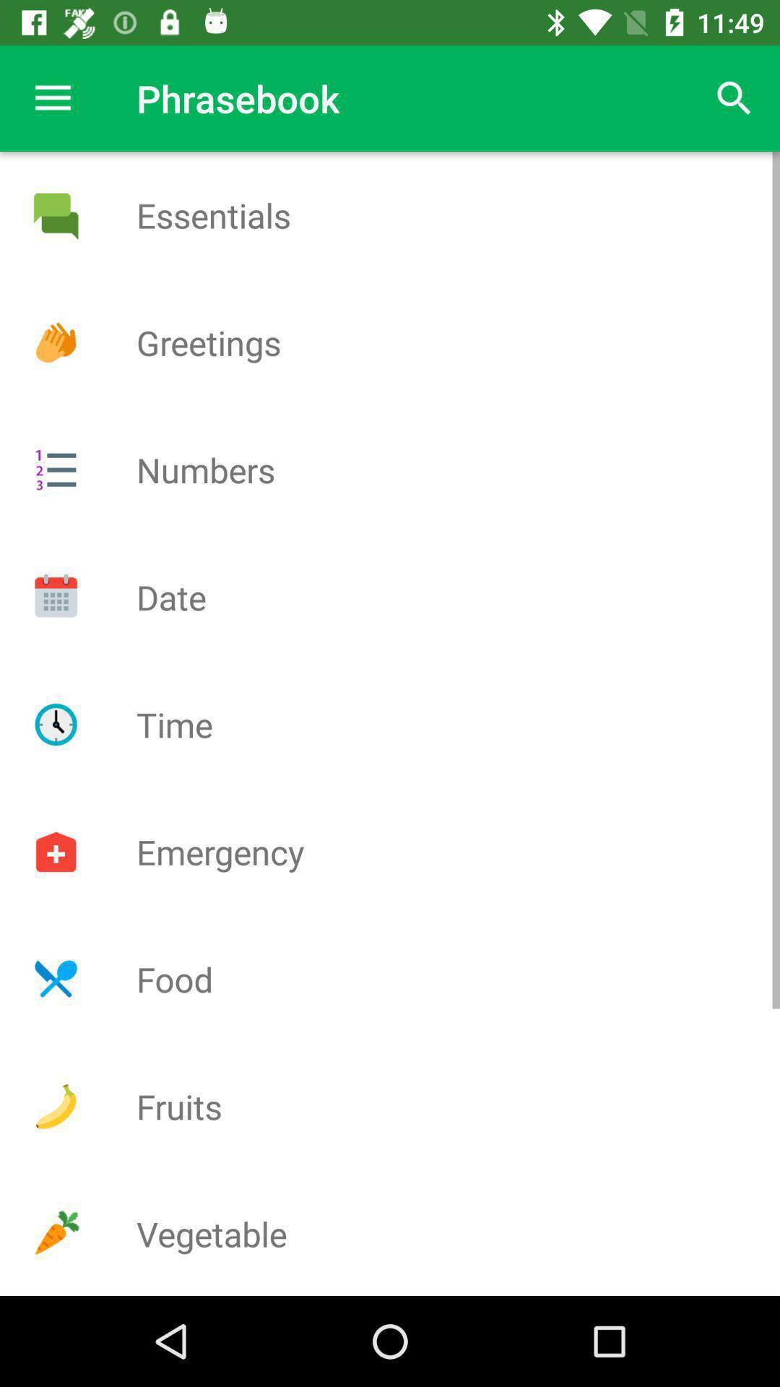 Image resolution: width=780 pixels, height=1387 pixels. Describe the element at coordinates (55, 725) in the screenshot. I see `time phrases` at that location.